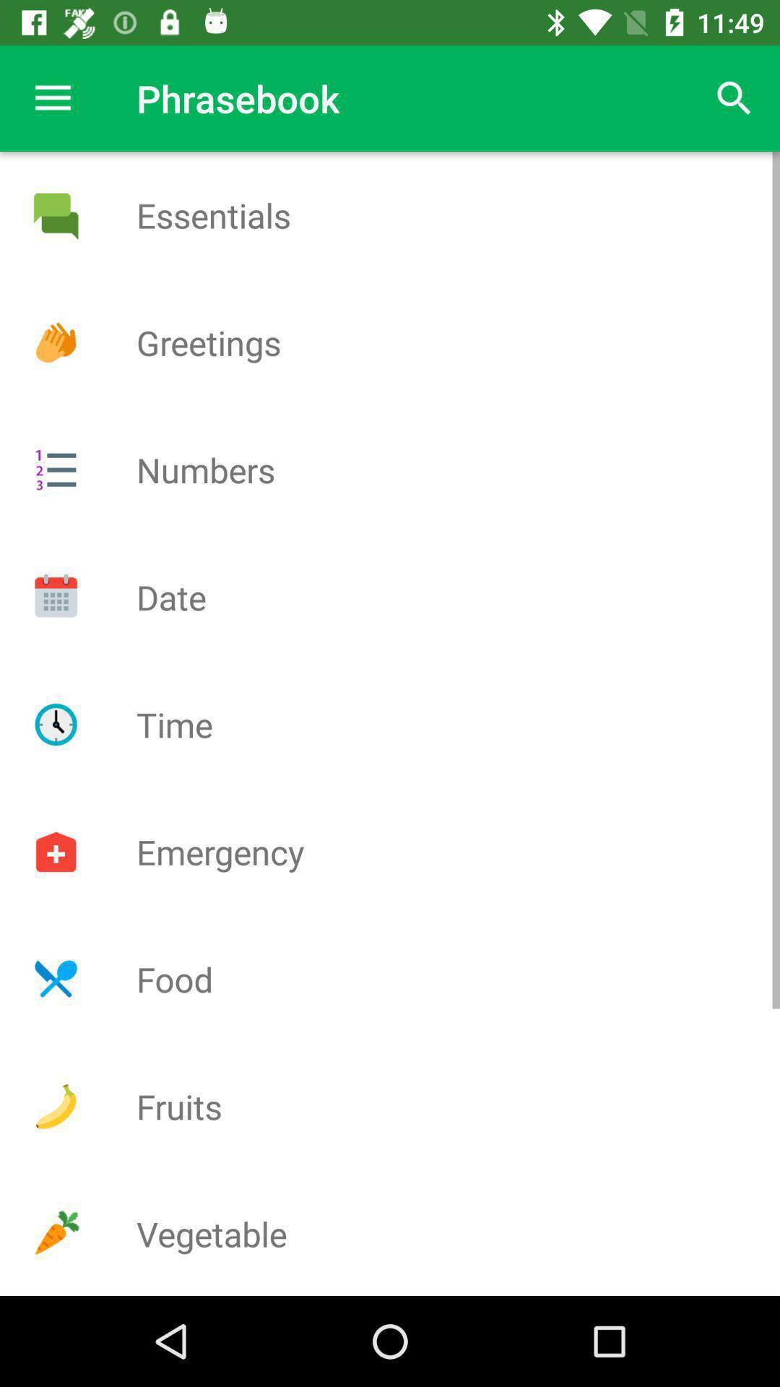 Image resolution: width=780 pixels, height=1387 pixels. Describe the element at coordinates (55, 725) in the screenshot. I see `time phrases` at that location.